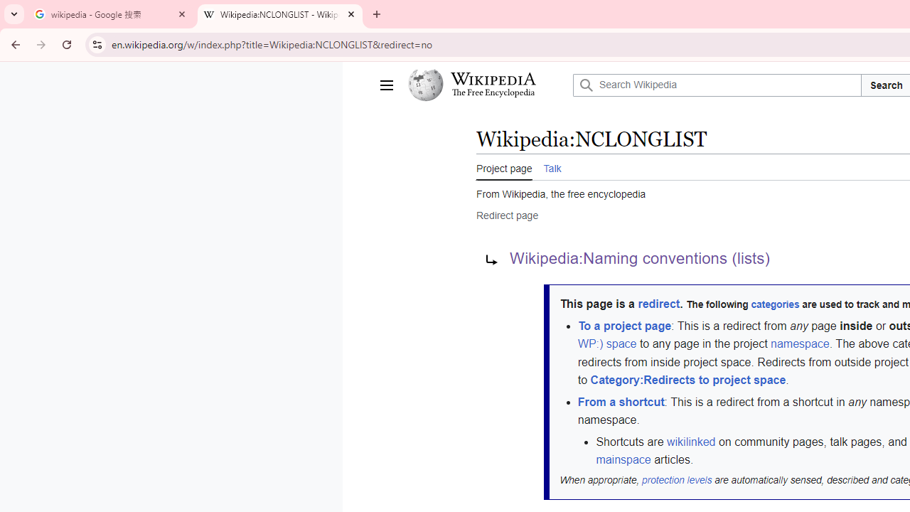  Describe the element at coordinates (280, 14) in the screenshot. I see `'Wikipedia:NCLONGLIST - Wikipedia'` at that location.